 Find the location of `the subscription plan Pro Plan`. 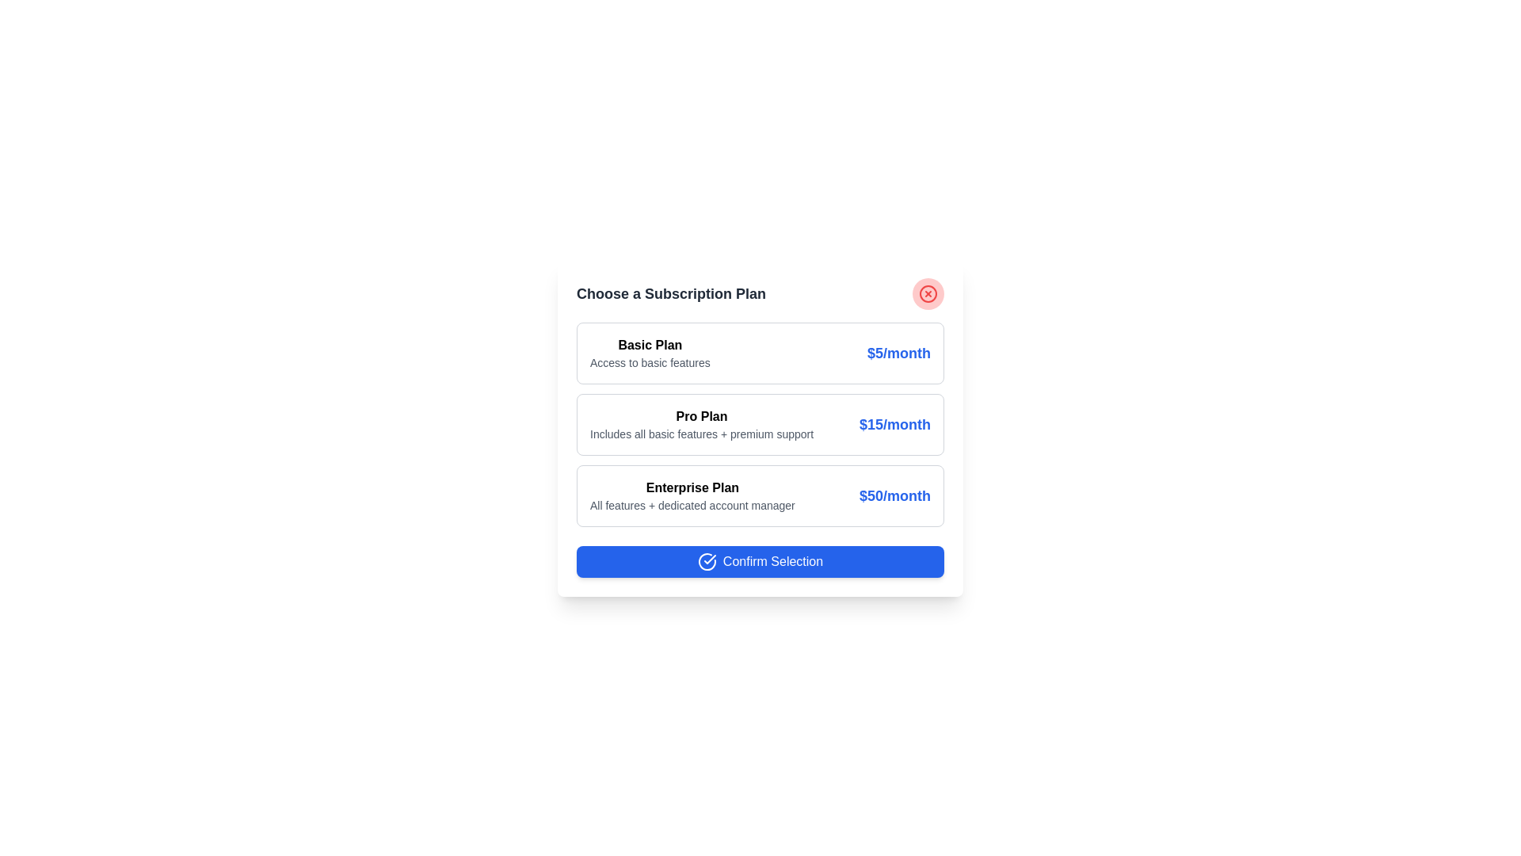

the subscription plan Pro Plan is located at coordinates (760, 424).